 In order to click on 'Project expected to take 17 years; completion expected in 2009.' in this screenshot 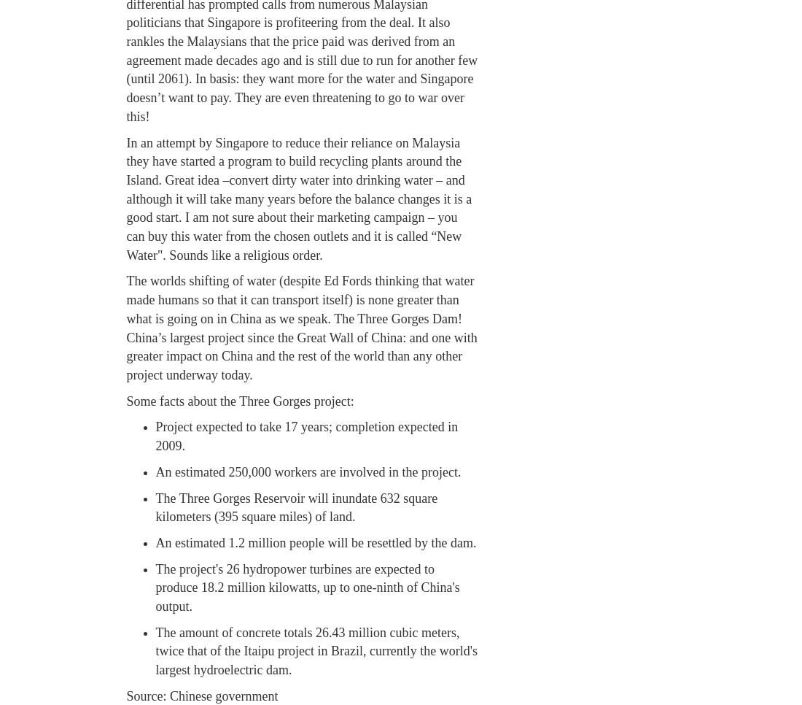, I will do `click(305, 436)`.